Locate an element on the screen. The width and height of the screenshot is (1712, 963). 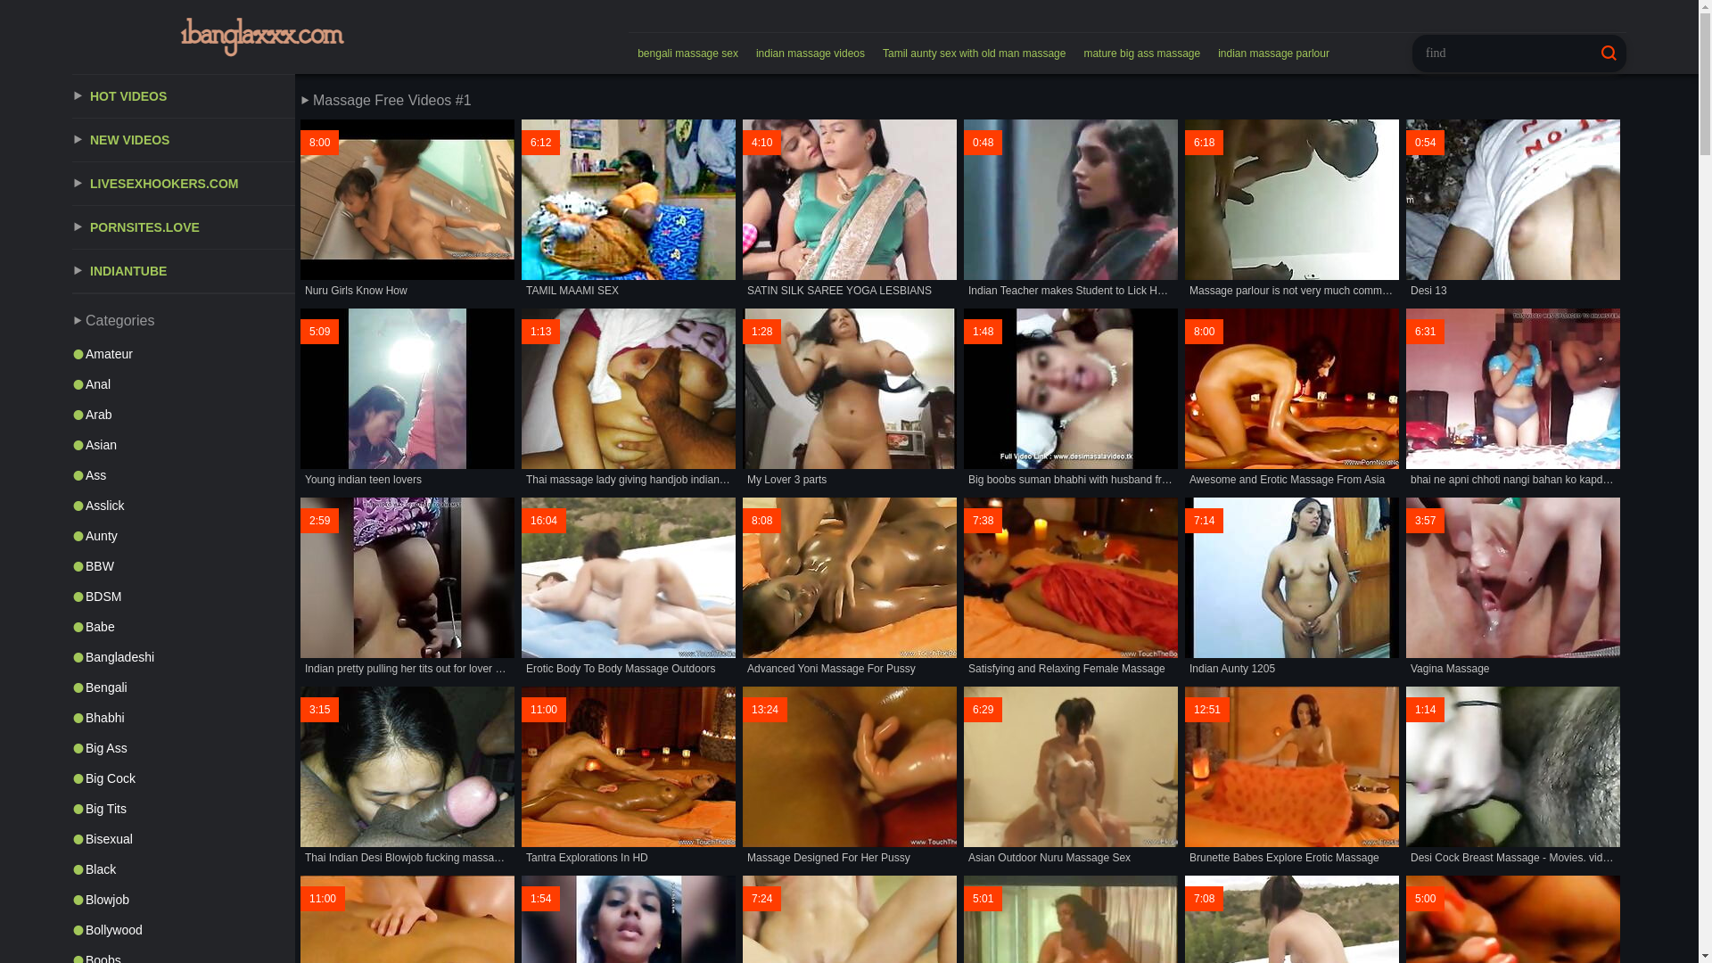
'8:00 is located at coordinates (406, 209).